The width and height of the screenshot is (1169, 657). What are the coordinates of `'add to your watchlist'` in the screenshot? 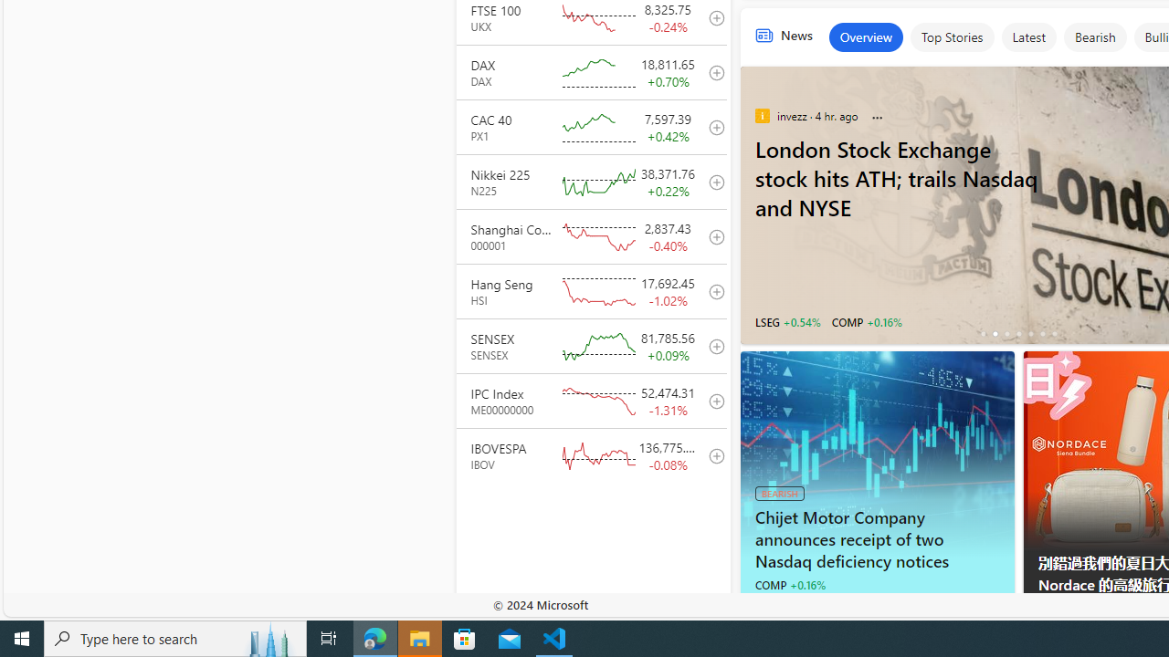 It's located at (711, 454).